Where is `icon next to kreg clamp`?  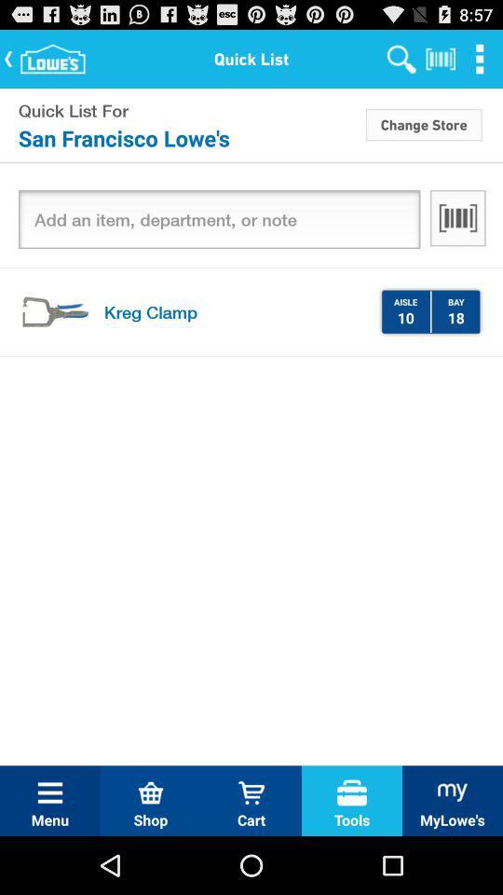
icon next to kreg clamp is located at coordinates (55, 311).